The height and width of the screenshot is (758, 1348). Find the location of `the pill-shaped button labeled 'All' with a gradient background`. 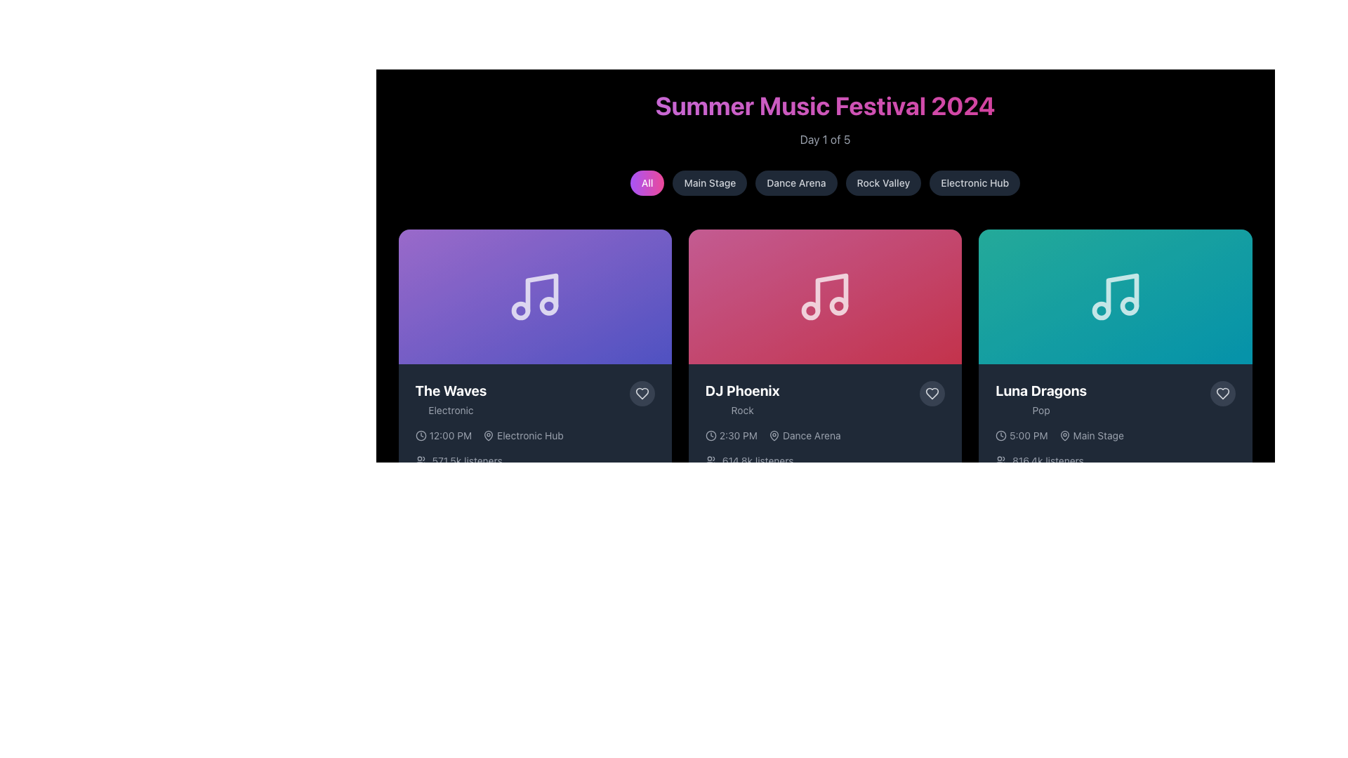

the pill-shaped button labeled 'All' with a gradient background is located at coordinates (646, 182).